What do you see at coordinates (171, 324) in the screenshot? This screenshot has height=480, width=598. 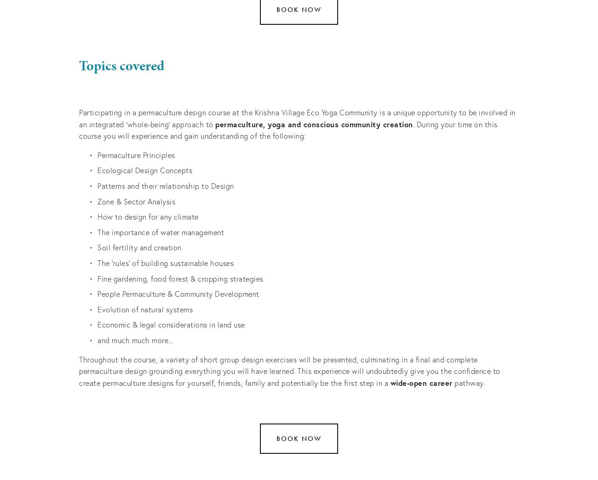 I see `'Economic & legal considerations in land use'` at bounding box center [171, 324].